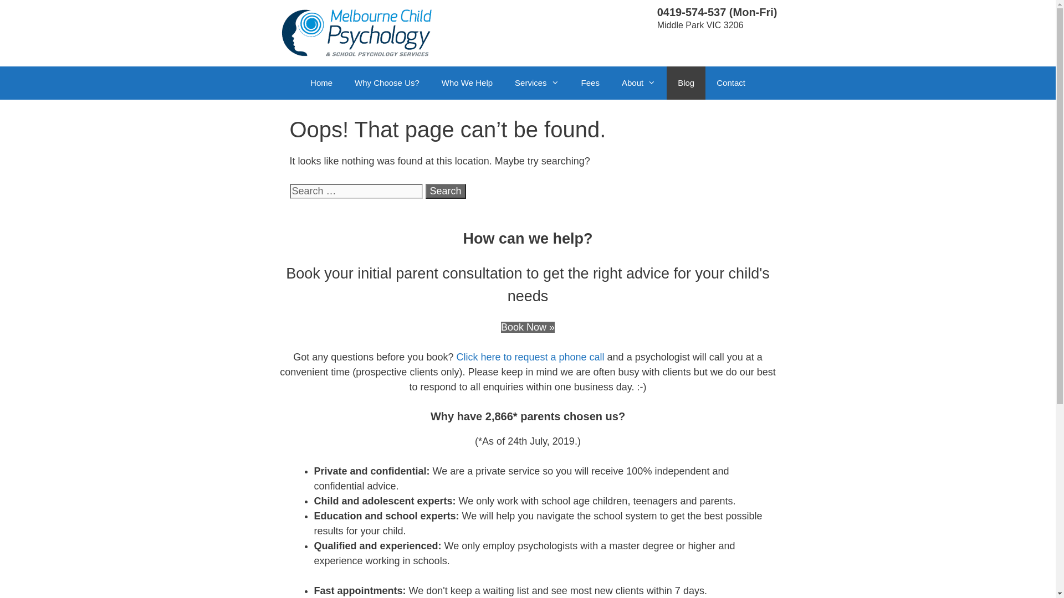 Image resolution: width=1064 pixels, height=598 pixels. I want to click on 'Services', so click(503, 83).